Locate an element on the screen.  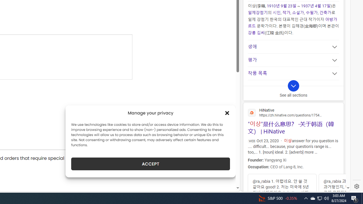
'HiNative' is located at coordinates (293, 112).